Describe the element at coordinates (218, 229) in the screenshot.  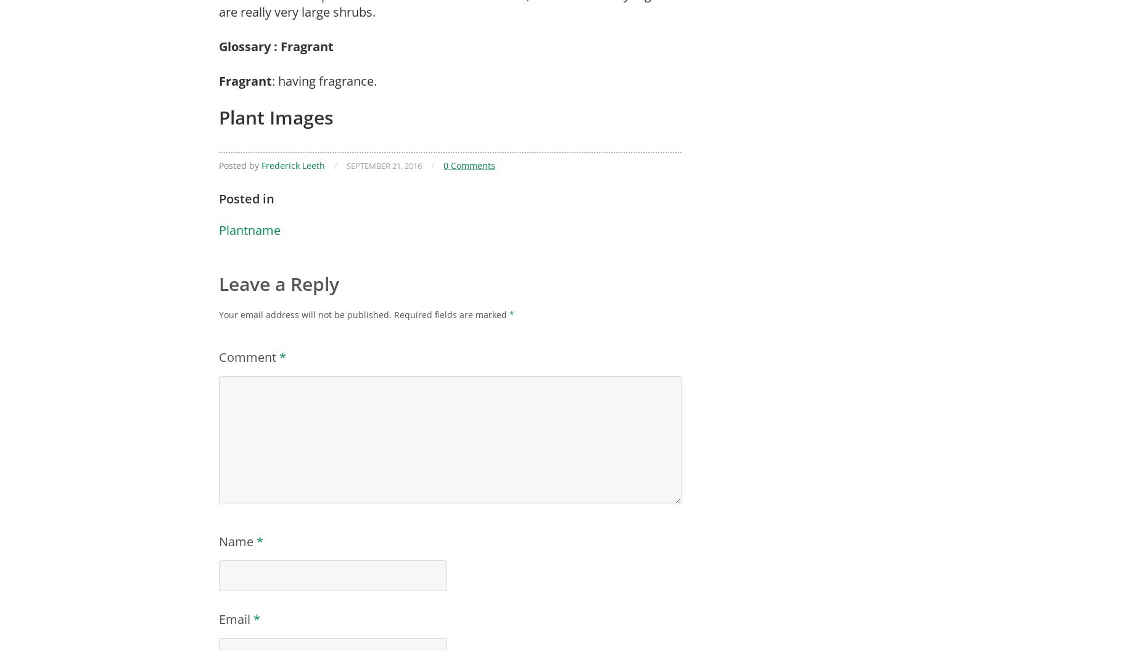
I see `'Plantname'` at that location.